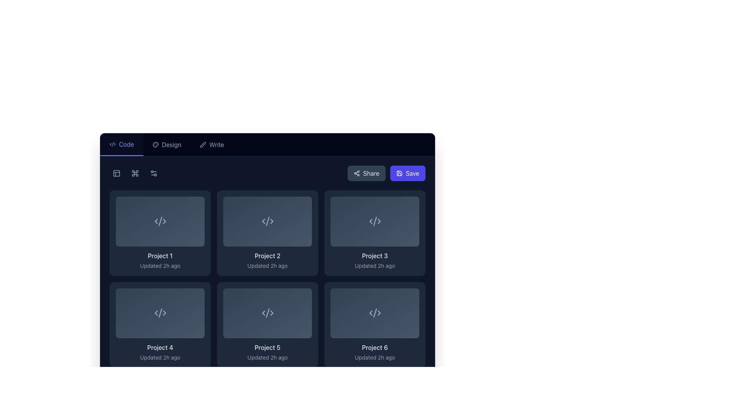  Describe the element at coordinates (203, 145) in the screenshot. I see `the 'Write' icon located in the navigation bar at the top of the interface` at that location.